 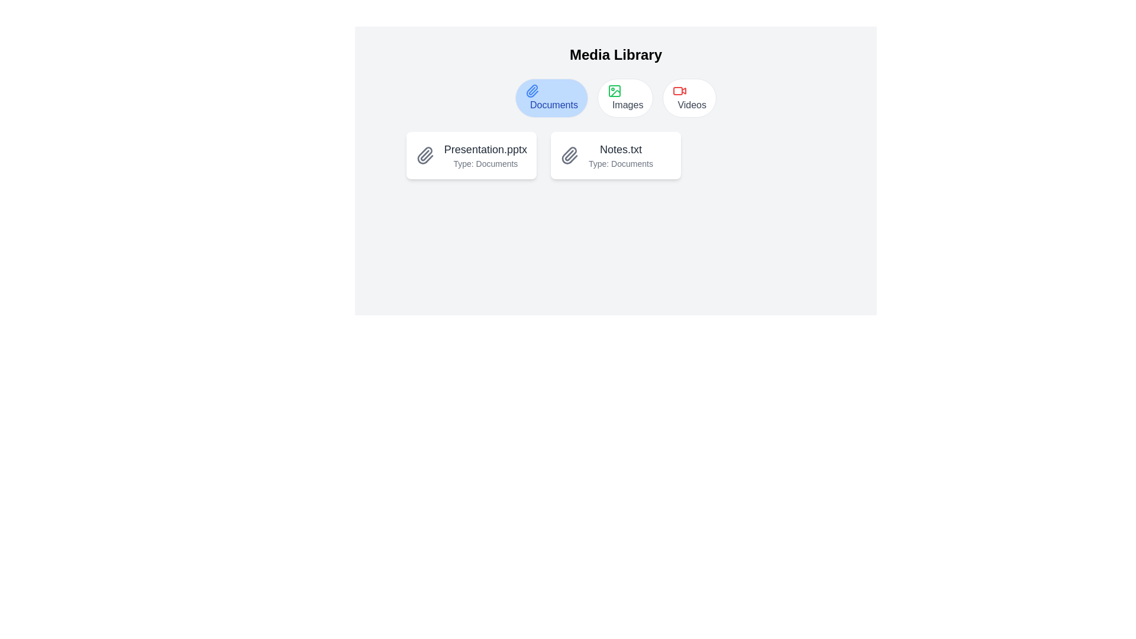 What do you see at coordinates (470, 154) in the screenshot?
I see `the File representation card for the file titled 'Presentation.pptx', located in the top-left corner of its row in the grid layout` at bounding box center [470, 154].